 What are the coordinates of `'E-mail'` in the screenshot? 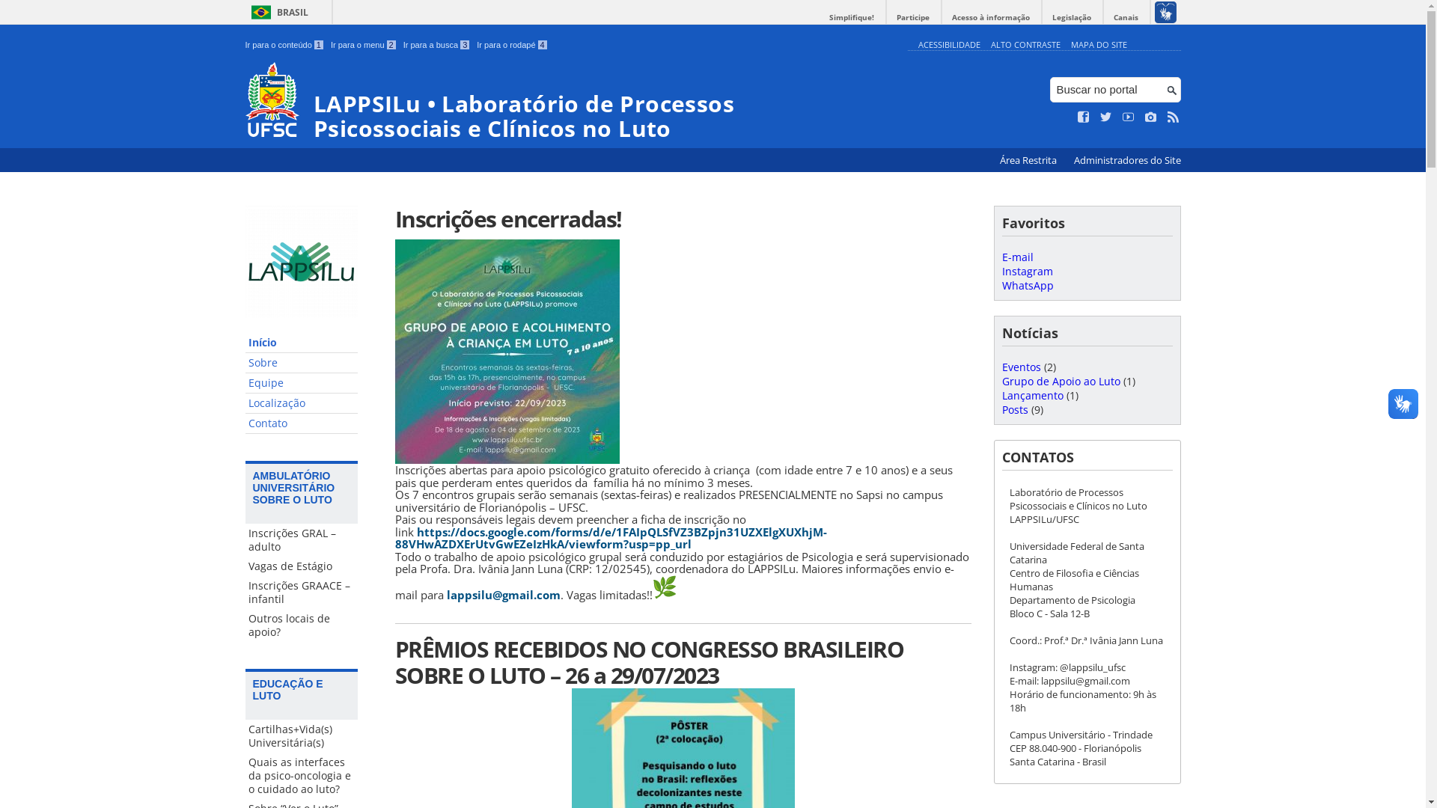 It's located at (1016, 256).